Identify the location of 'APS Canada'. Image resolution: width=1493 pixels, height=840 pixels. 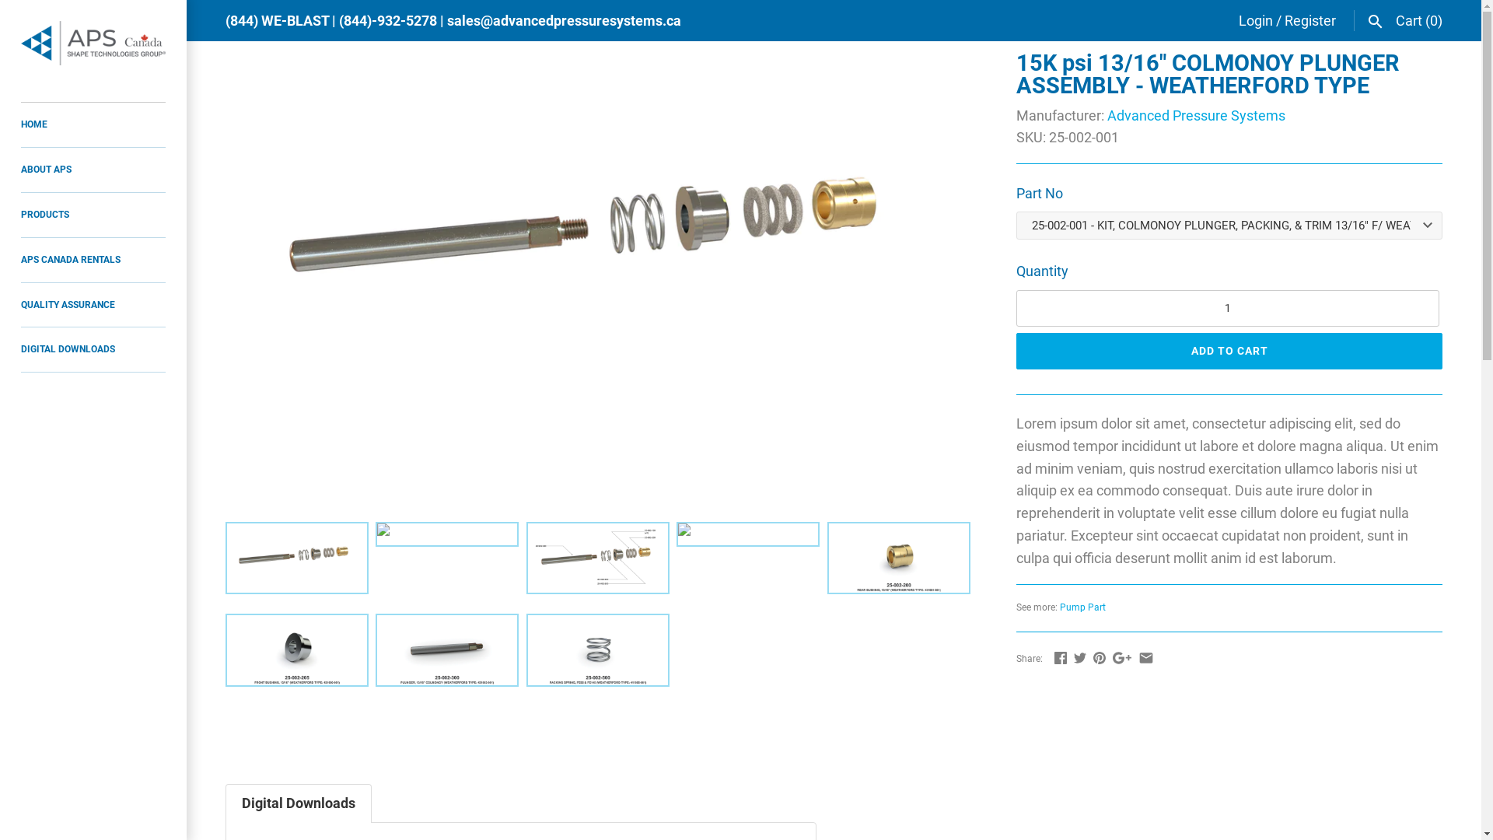
(93, 42).